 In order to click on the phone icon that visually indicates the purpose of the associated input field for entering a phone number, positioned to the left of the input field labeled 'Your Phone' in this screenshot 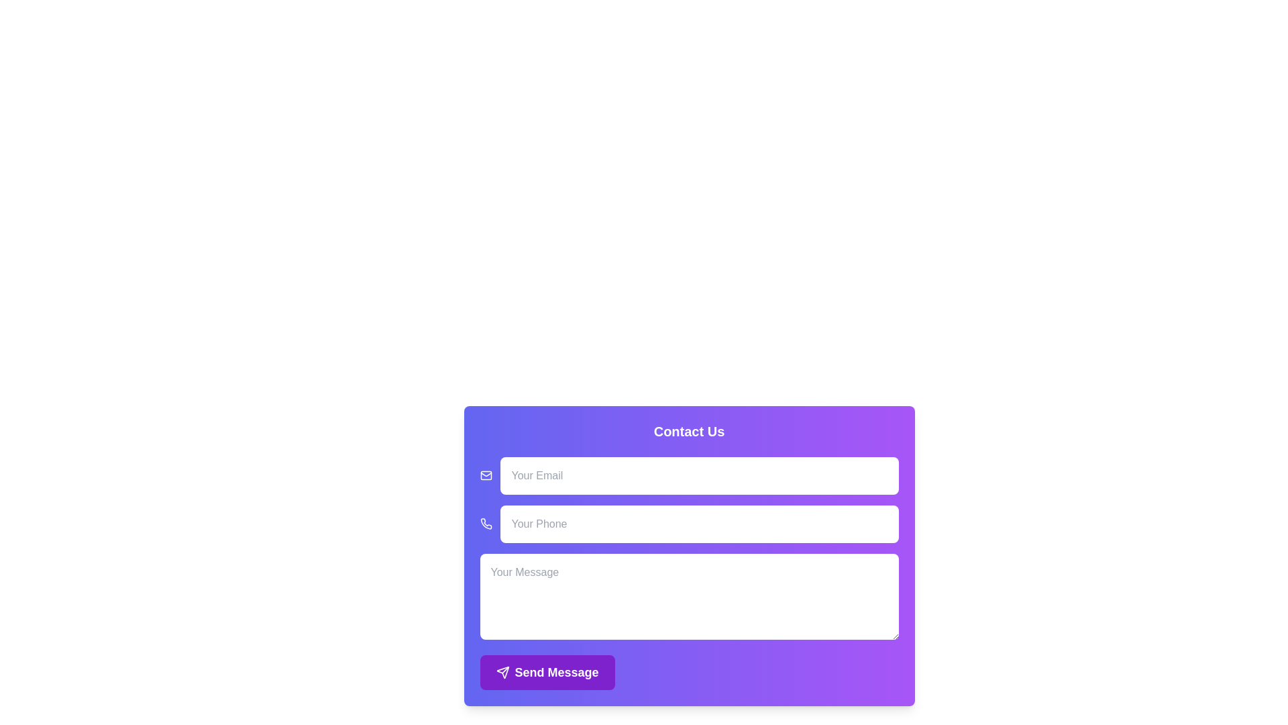, I will do `click(485, 523)`.